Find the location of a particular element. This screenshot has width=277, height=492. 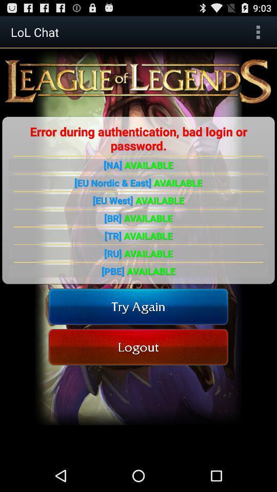

the logout button is located at coordinates (138, 347).